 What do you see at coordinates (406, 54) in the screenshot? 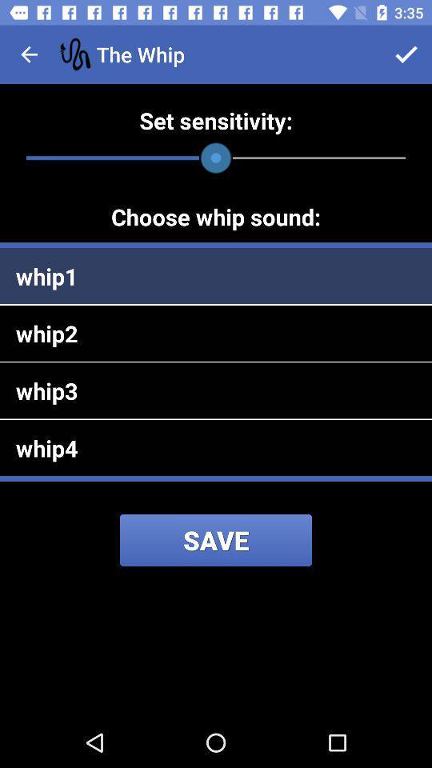
I see `the item at the top right corner` at bounding box center [406, 54].